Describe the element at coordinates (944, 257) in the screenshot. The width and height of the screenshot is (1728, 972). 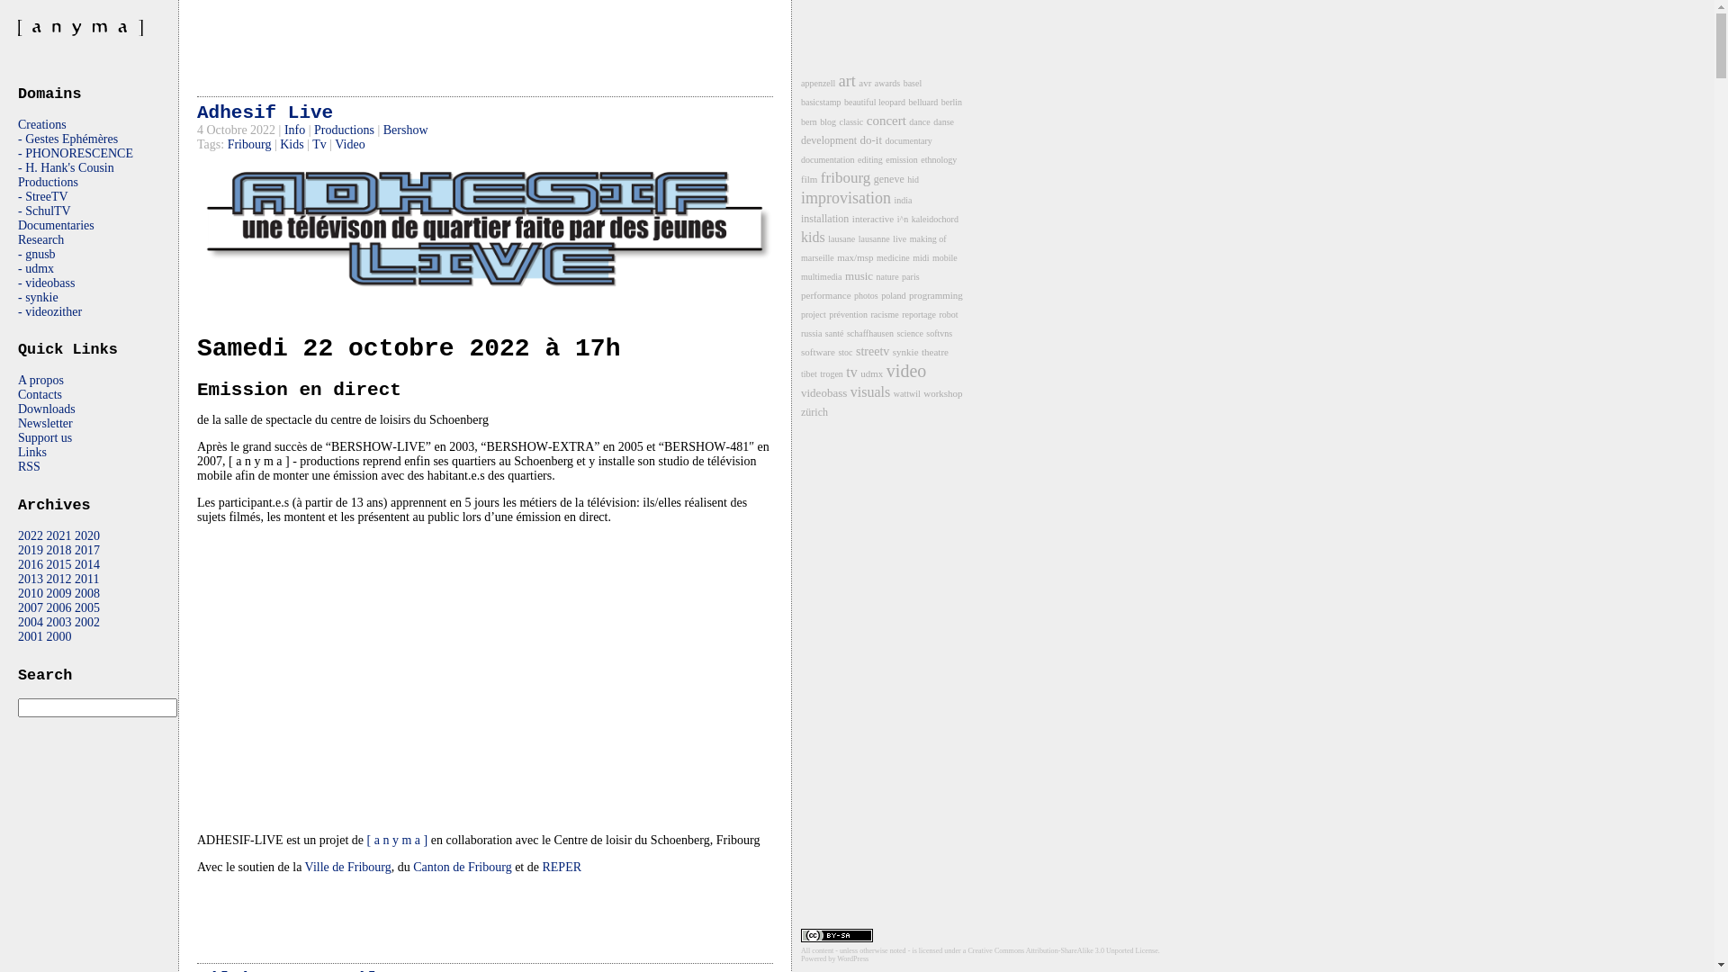
I see `'mobile'` at that location.